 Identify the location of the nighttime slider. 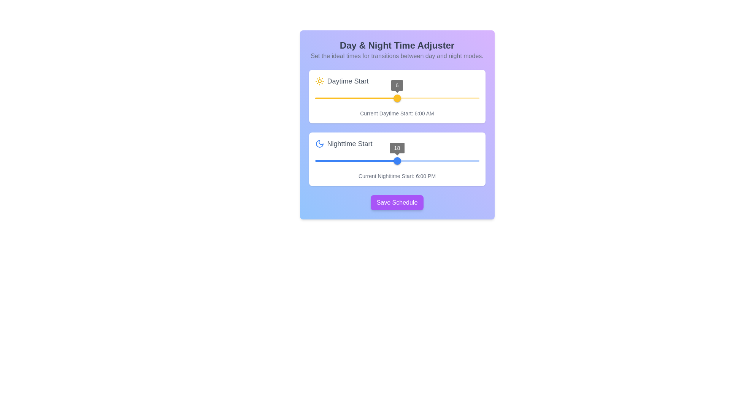
(328, 161).